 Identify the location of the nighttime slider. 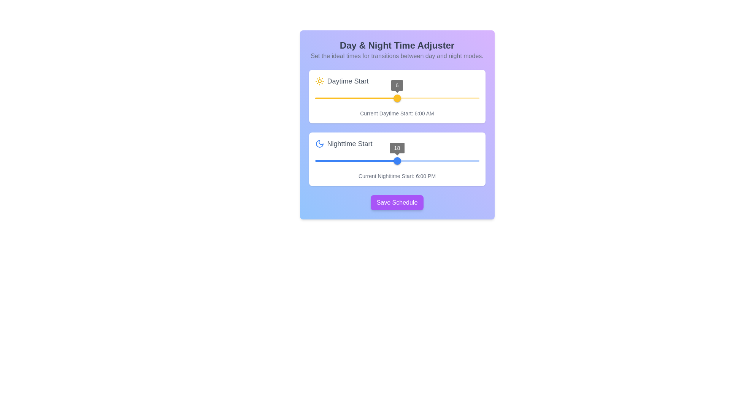
(328, 161).